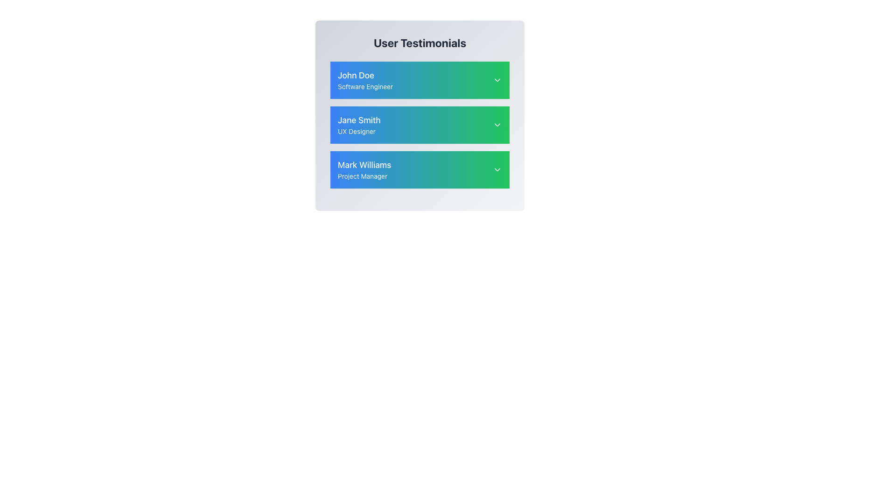  What do you see at coordinates (365, 80) in the screenshot?
I see `the Text Display element that shows the user's name and title in the testimonial list, which is located beneath the heading 'User Testimonials'` at bounding box center [365, 80].